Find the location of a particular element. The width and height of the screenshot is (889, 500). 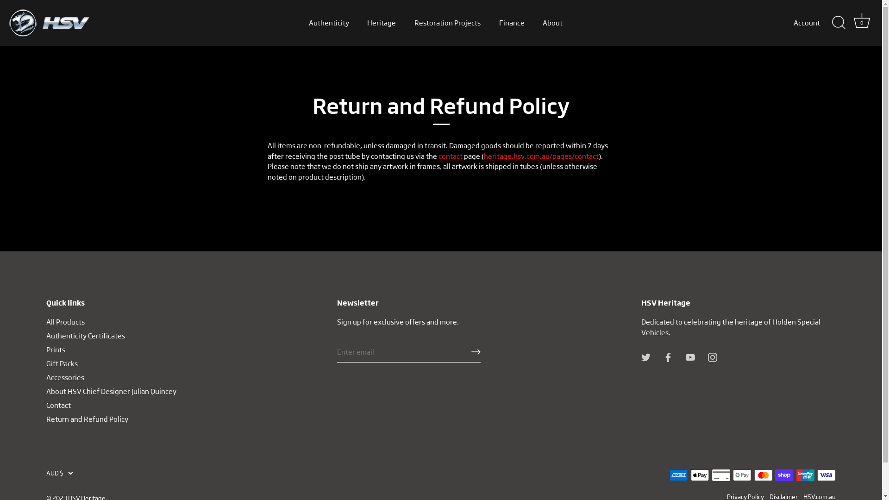

'contact' is located at coordinates (450, 155).